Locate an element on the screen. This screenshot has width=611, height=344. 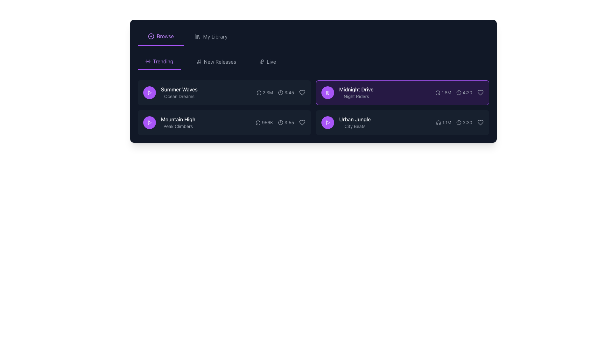
the heart-shaped icon in the bottom right corner of the 'Midnight Drive' song card to mark it as favorite is located at coordinates (481, 92).